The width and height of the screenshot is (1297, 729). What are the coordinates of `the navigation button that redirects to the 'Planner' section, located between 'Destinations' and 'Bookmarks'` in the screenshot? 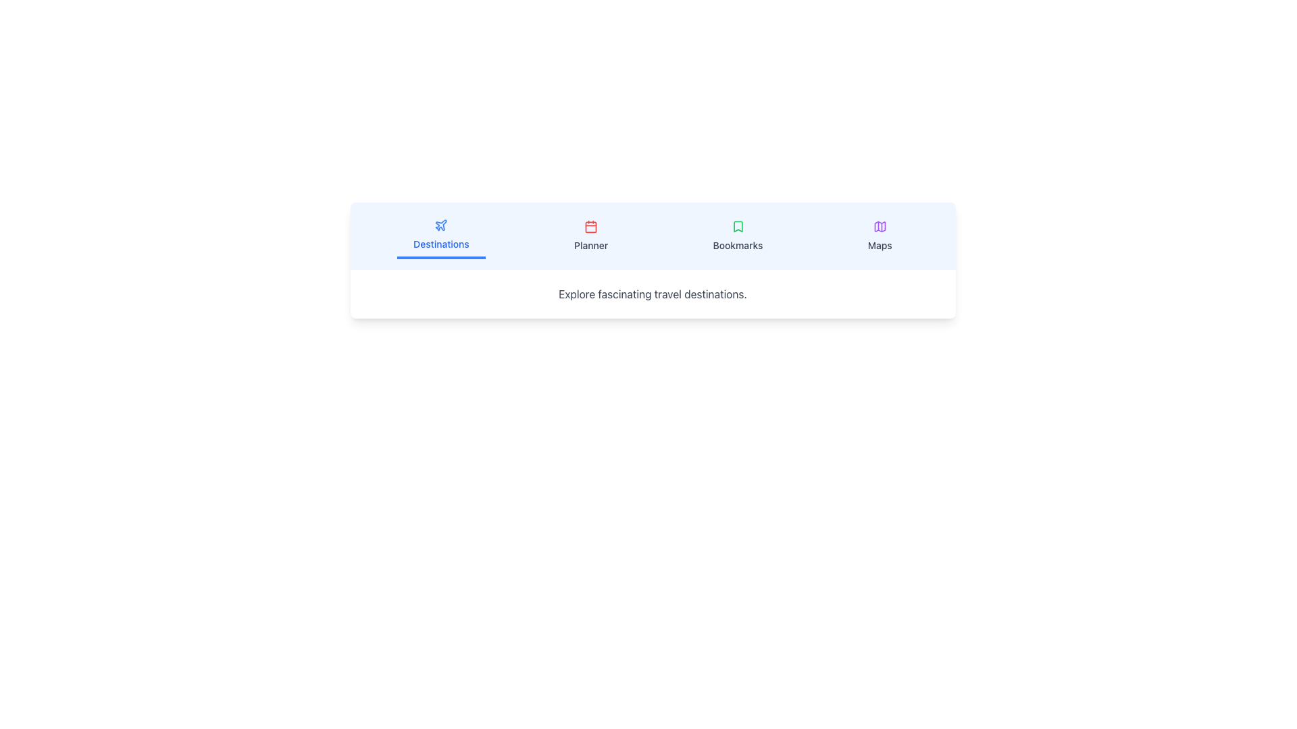 It's located at (591, 236).